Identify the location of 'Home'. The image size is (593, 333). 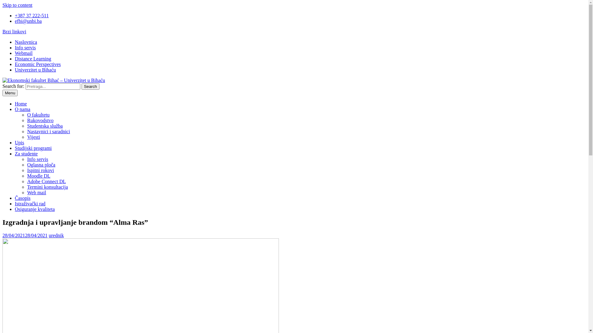
(15, 103).